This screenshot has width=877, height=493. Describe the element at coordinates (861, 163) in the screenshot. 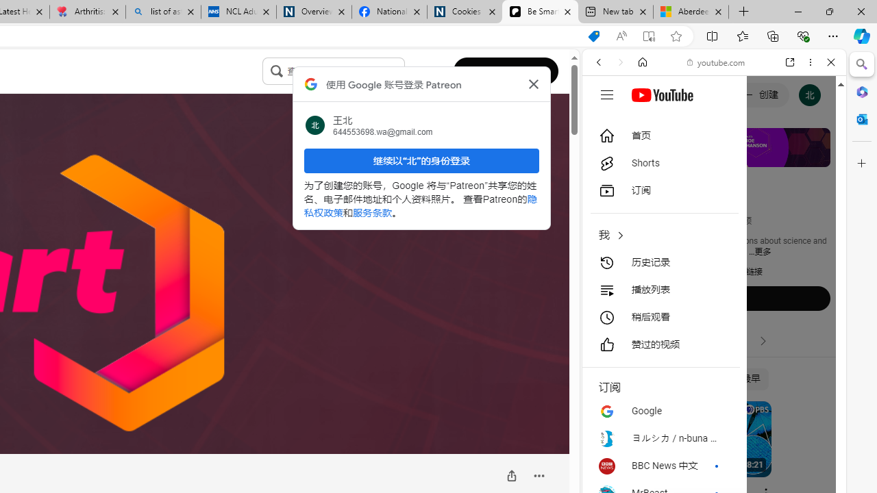

I see `'Close Customize pane'` at that location.